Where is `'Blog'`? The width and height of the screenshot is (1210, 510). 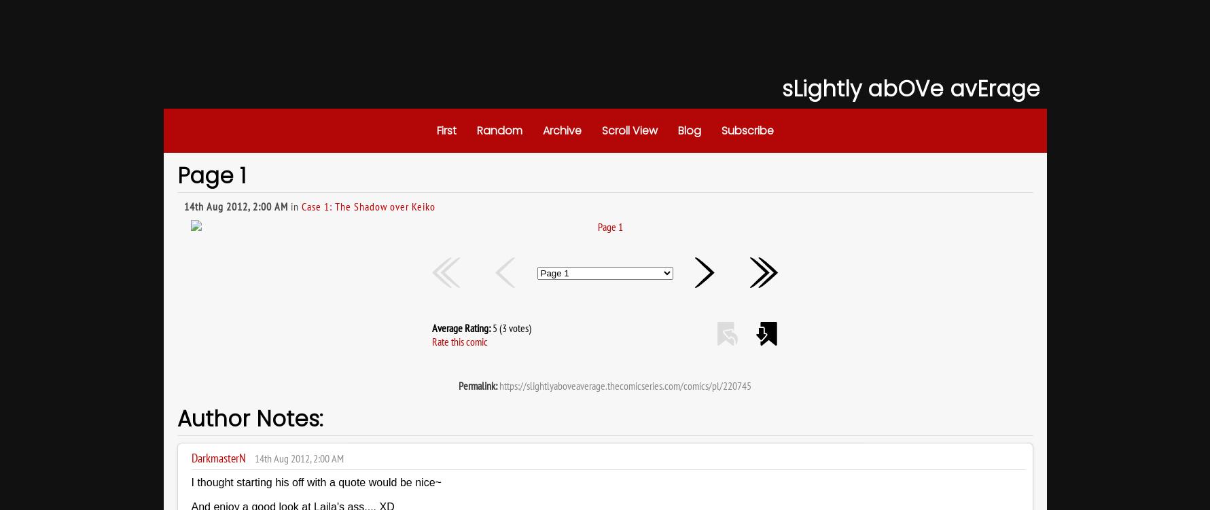
'Blog' is located at coordinates (688, 130).